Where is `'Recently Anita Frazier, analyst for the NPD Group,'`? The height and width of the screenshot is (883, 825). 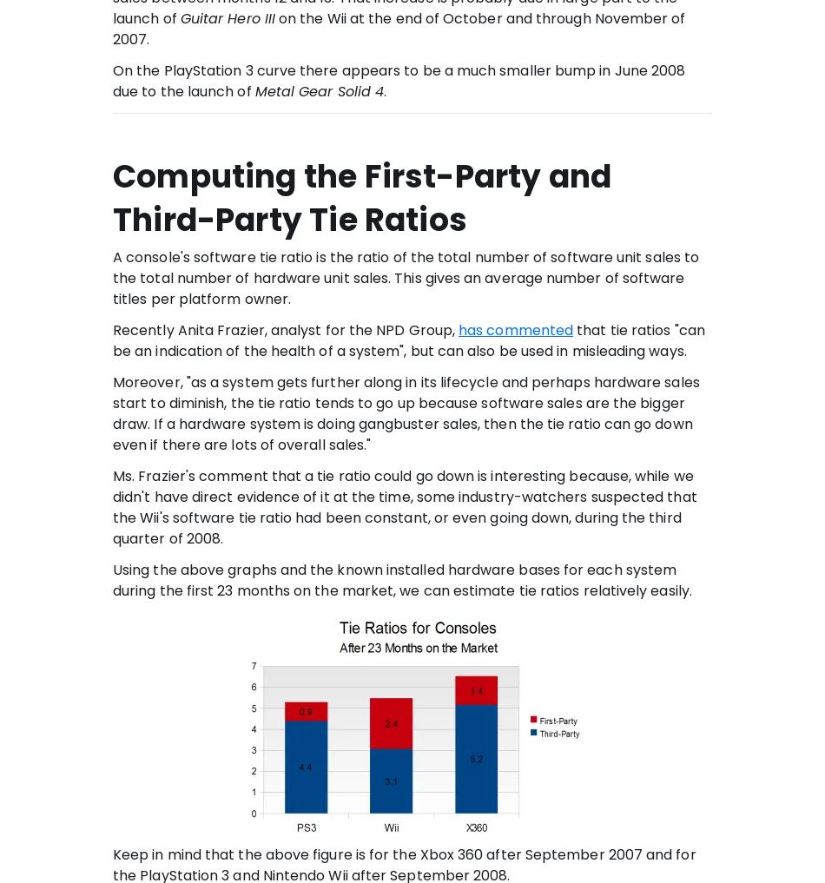 'Recently Anita Frazier, analyst for the NPD Group,' is located at coordinates (284, 328).